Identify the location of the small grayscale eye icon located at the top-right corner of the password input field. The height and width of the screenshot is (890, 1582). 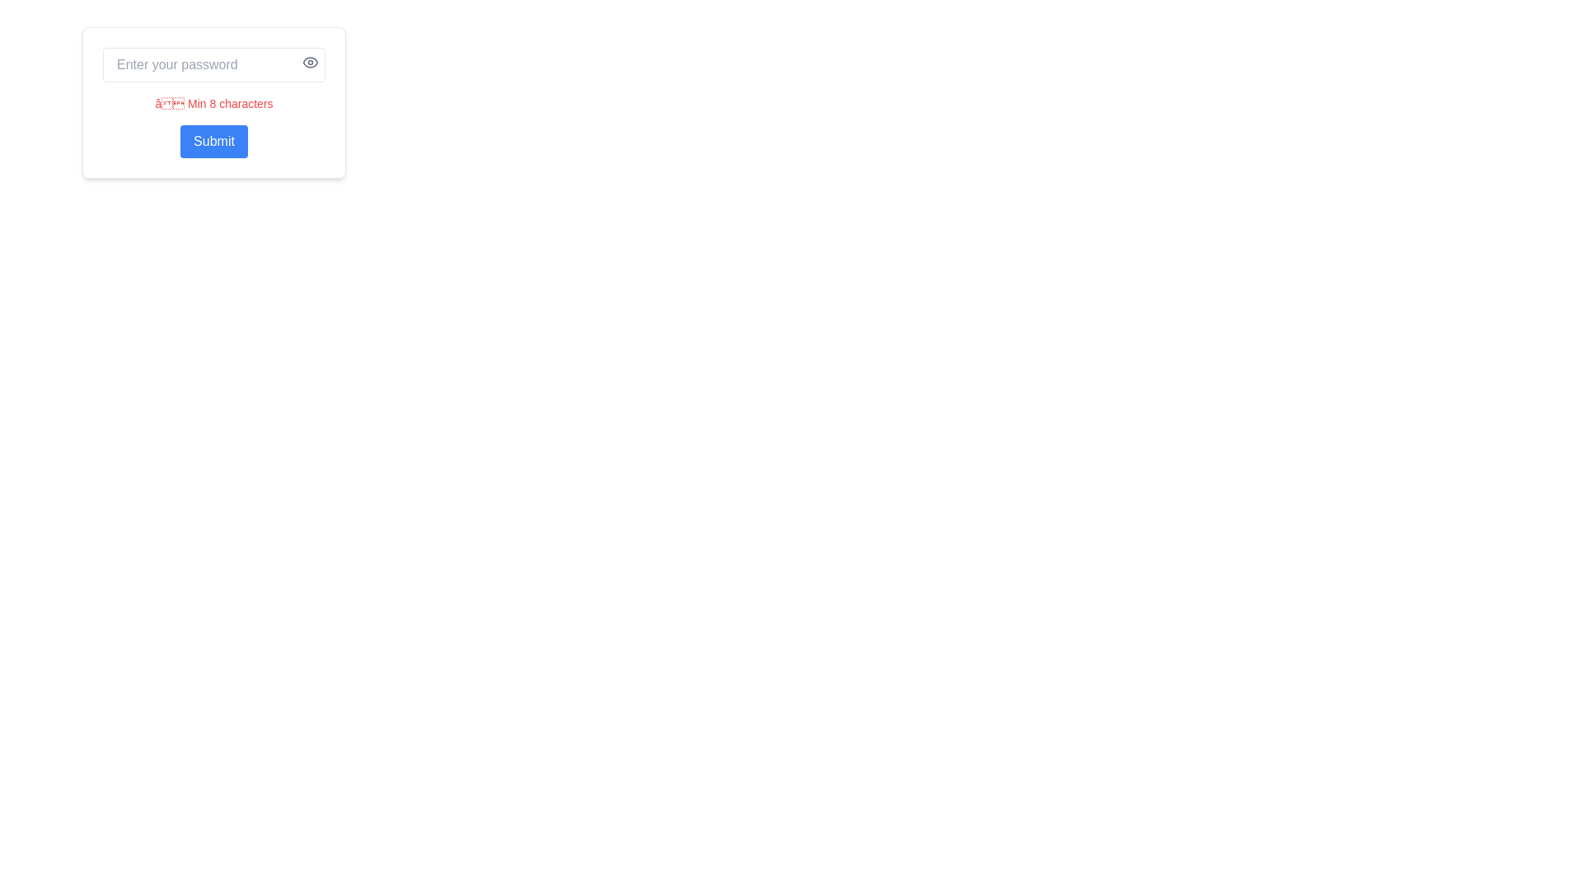
(311, 62).